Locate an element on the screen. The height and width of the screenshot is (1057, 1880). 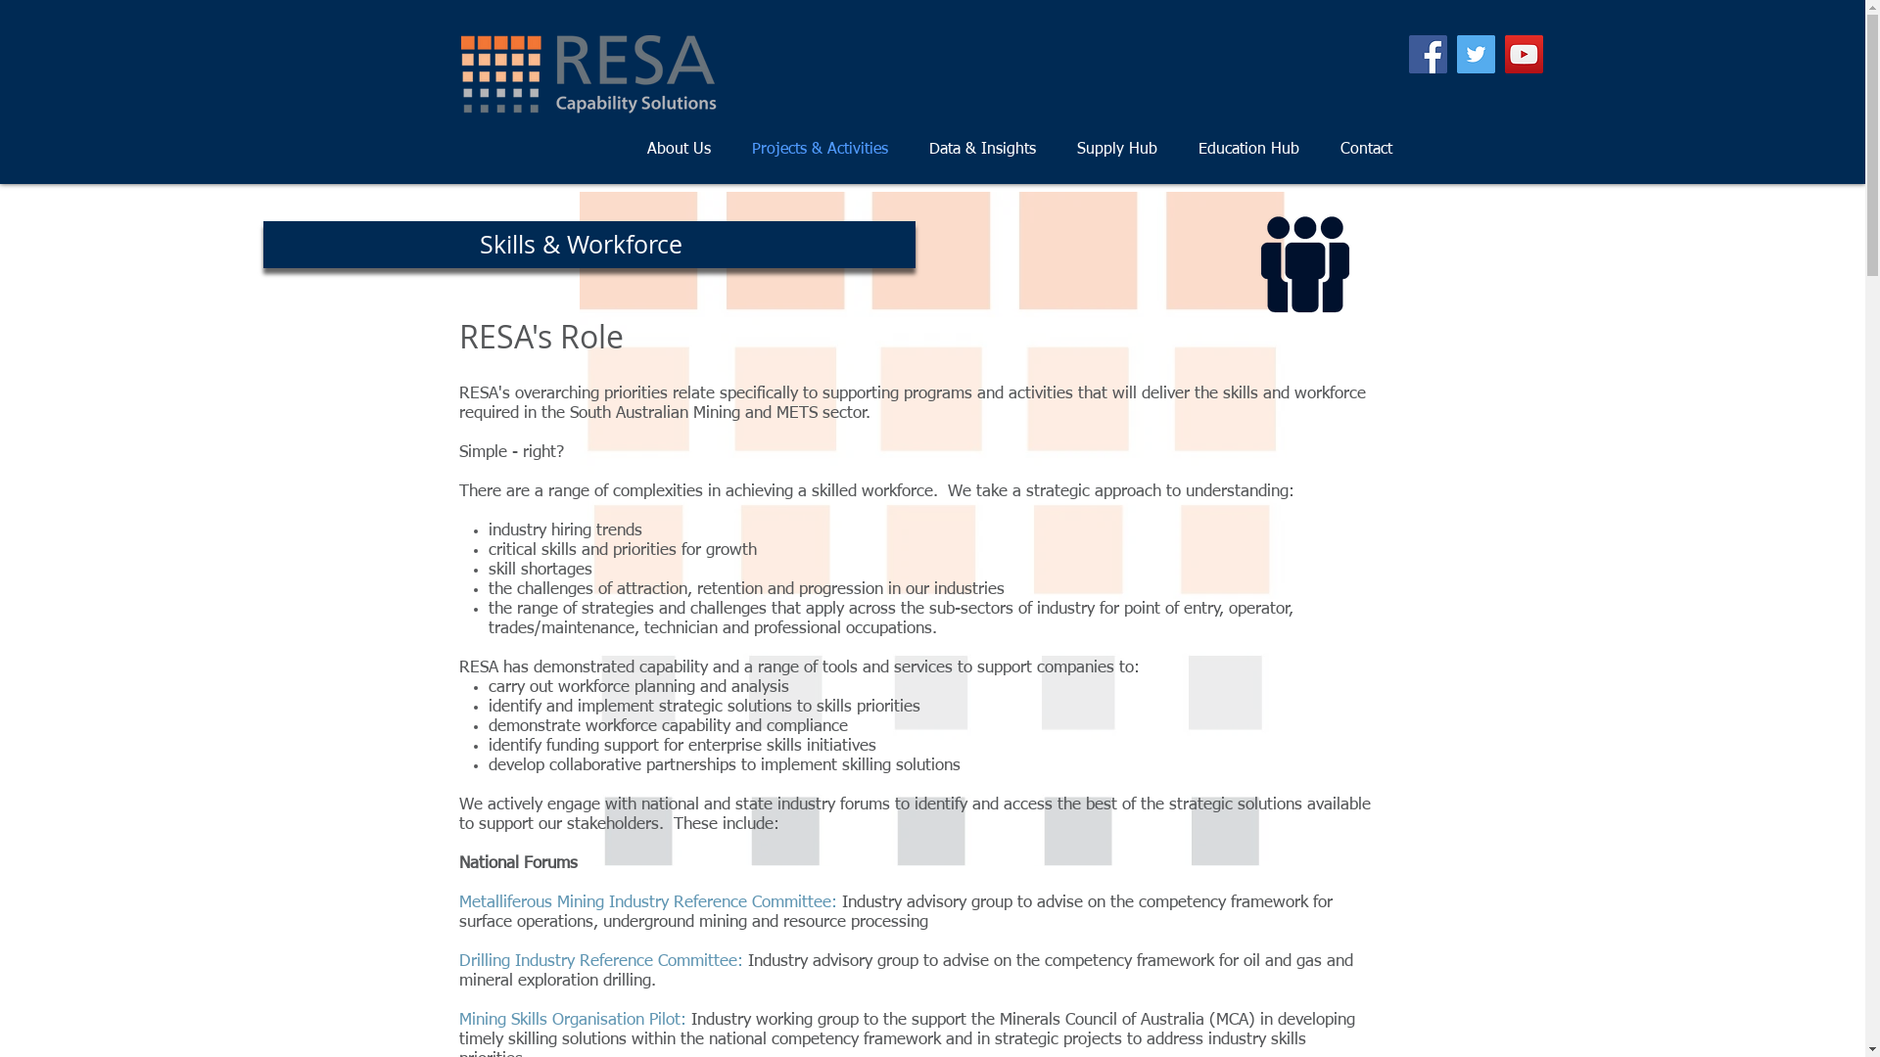
'Education Hub' is located at coordinates (1246, 149).